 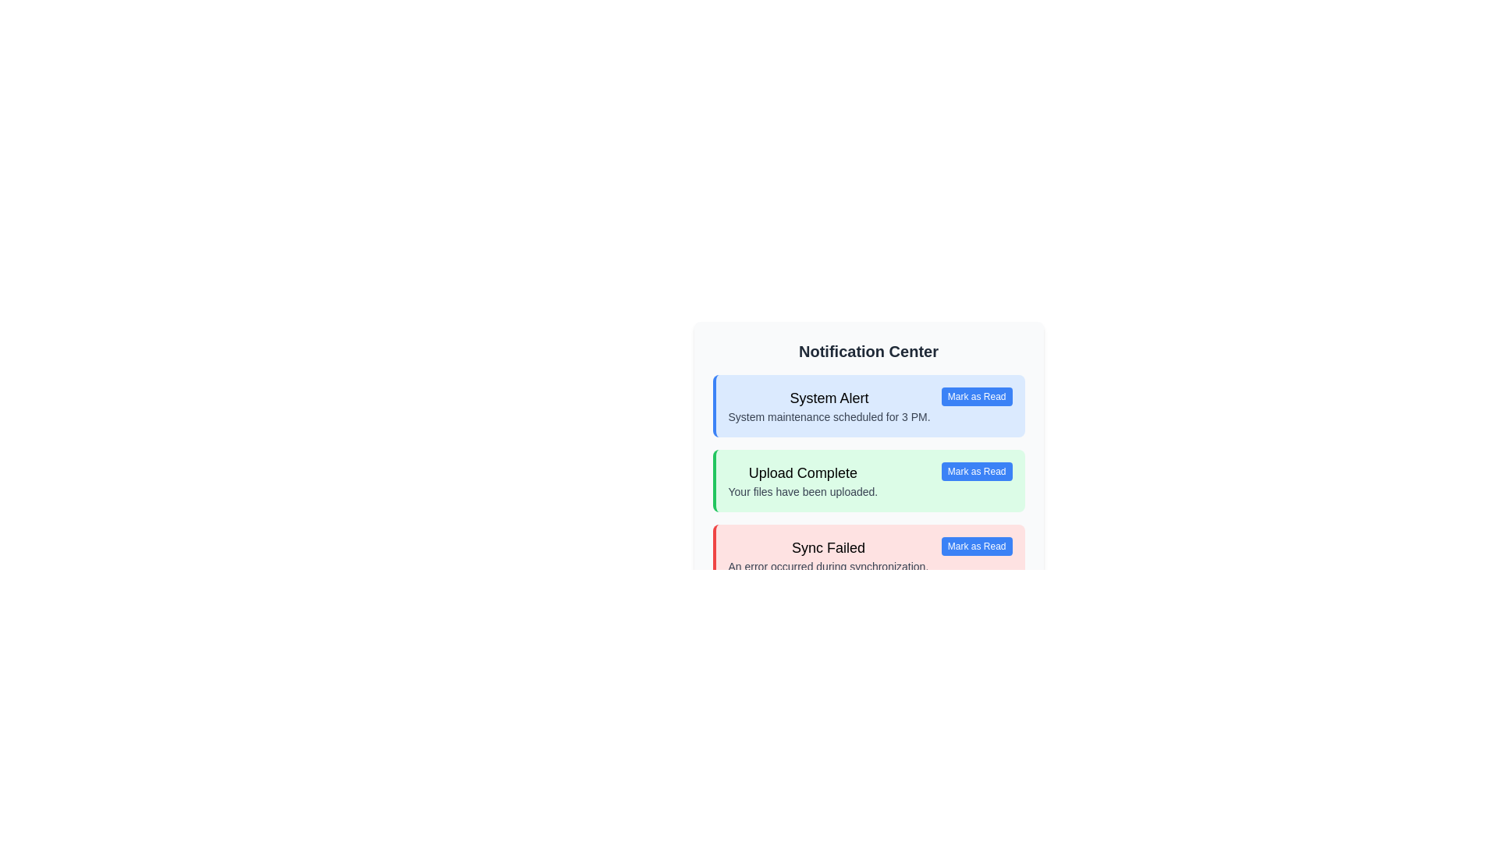 What do you see at coordinates (803, 472) in the screenshot?
I see `the text label displaying 'Upload Complete' within the notification box located in the Notification Center` at bounding box center [803, 472].